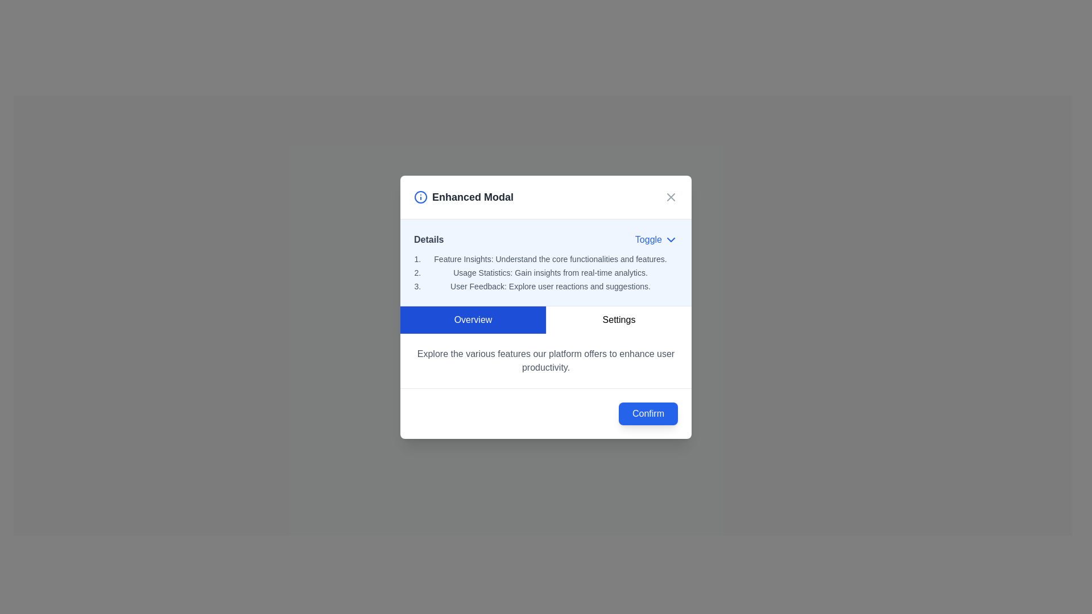 This screenshot has width=1092, height=614. What do you see at coordinates (420, 196) in the screenshot?
I see `the circular icon with a blue border and white center, located to the far left of the header section labeled 'Enhanced Modal'` at bounding box center [420, 196].